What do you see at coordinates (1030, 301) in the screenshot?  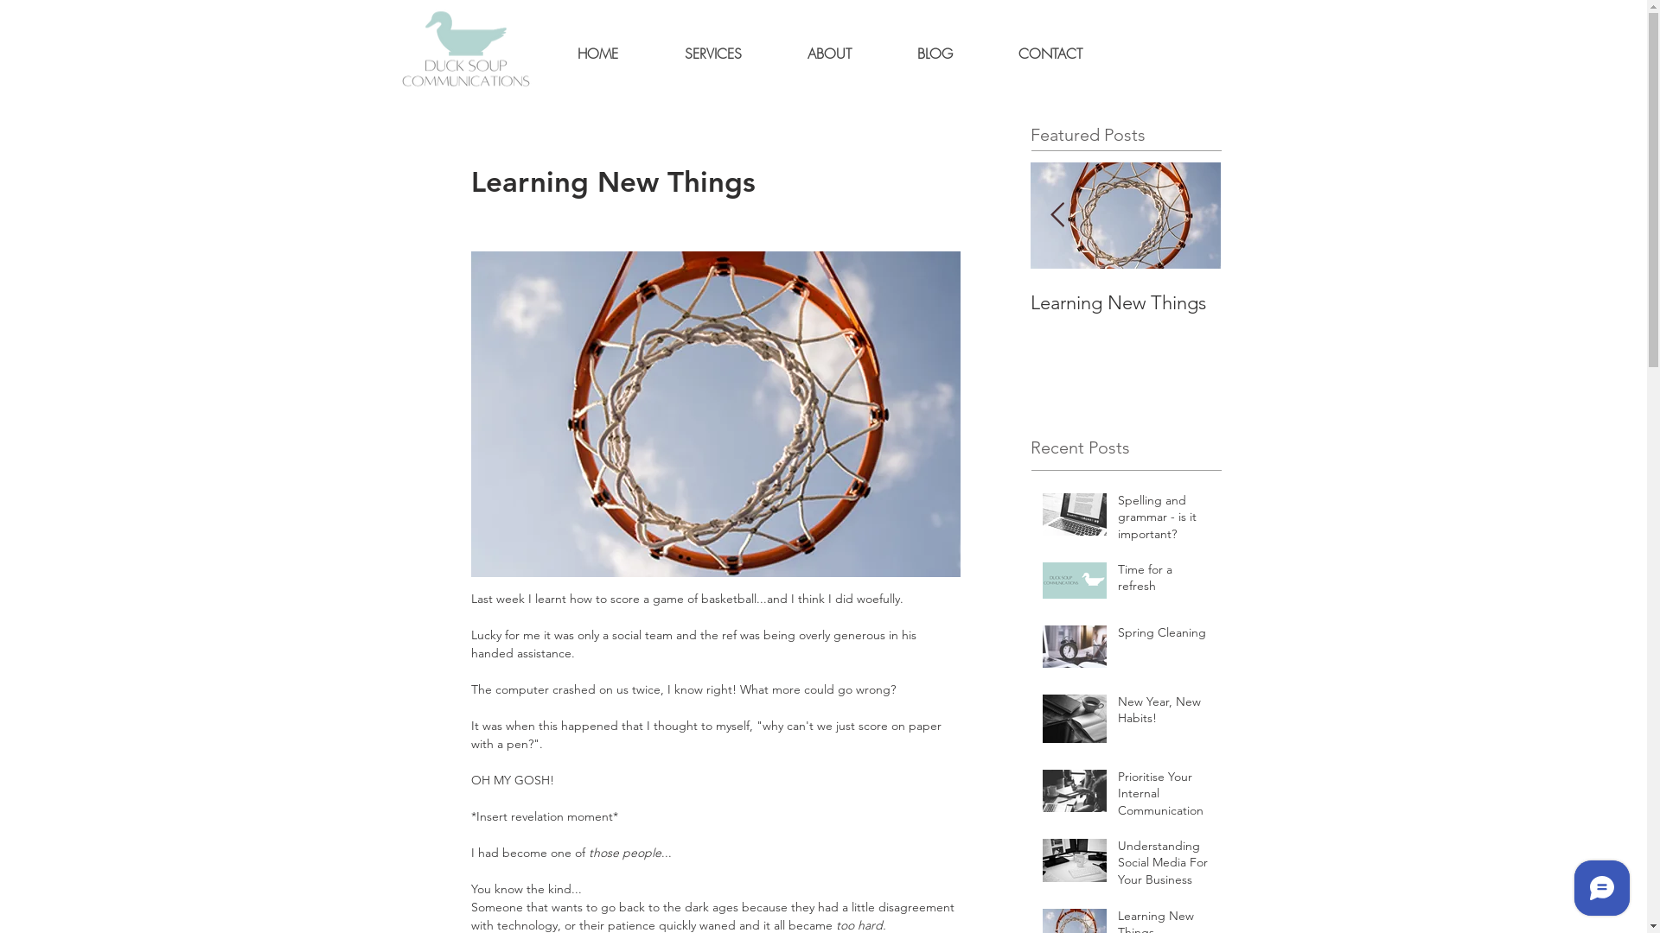 I see `'Learning New Things'` at bounding box center [1030, 301].